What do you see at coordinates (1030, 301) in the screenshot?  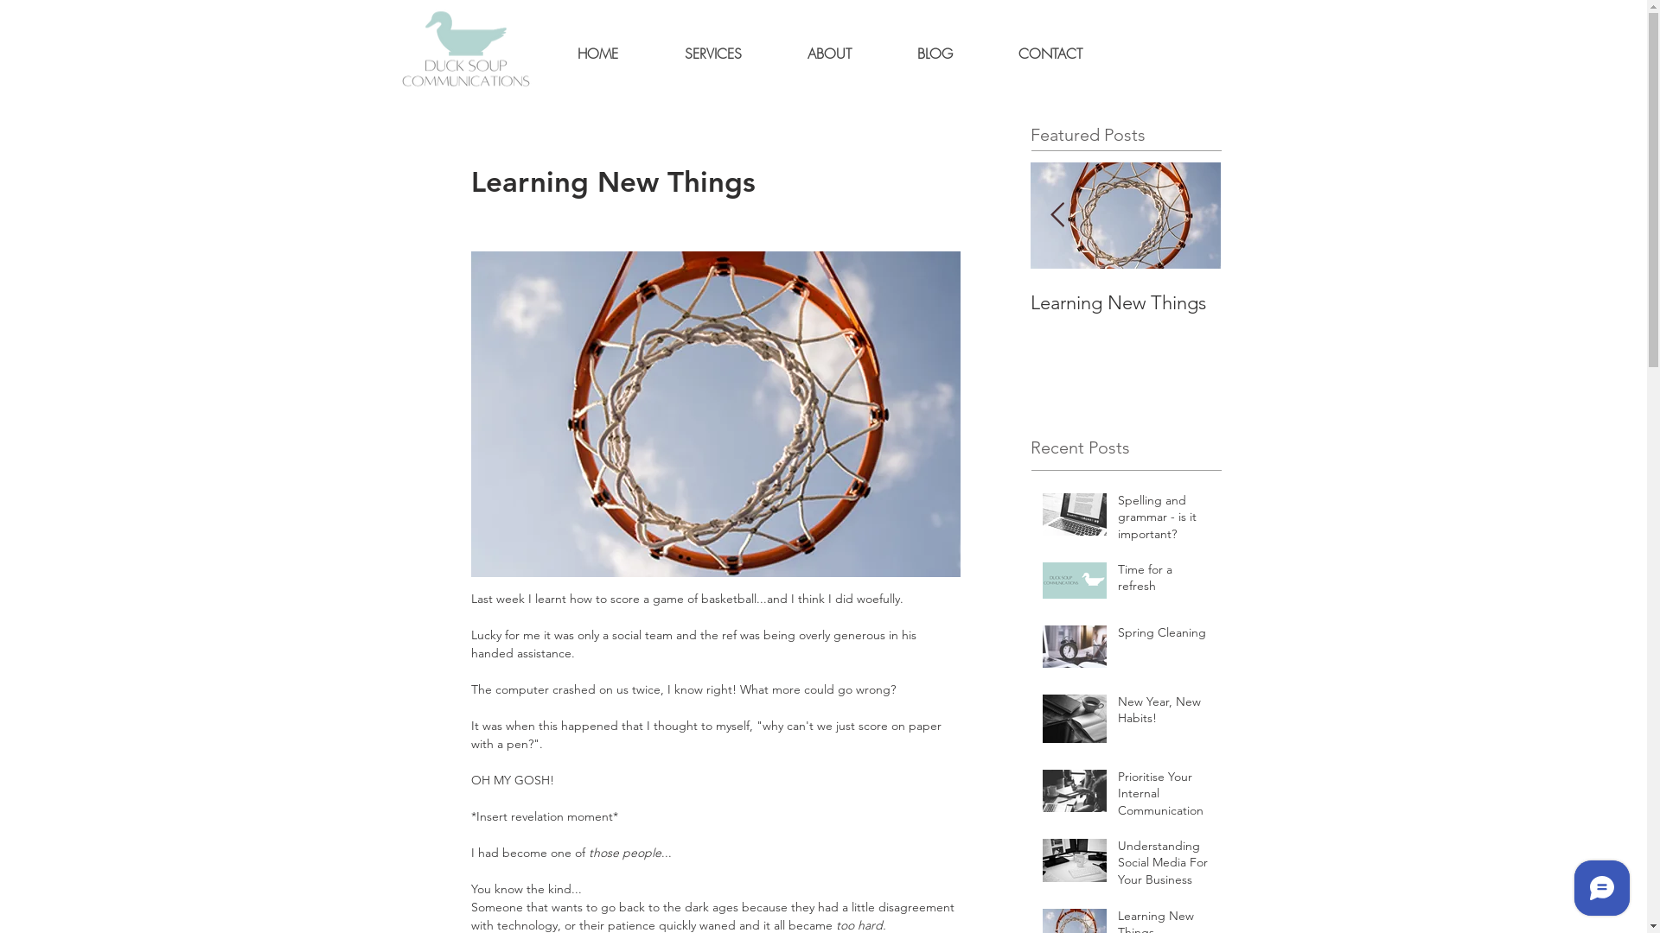 I see `'Learning New Things'` at bounding box center [1030, 301].